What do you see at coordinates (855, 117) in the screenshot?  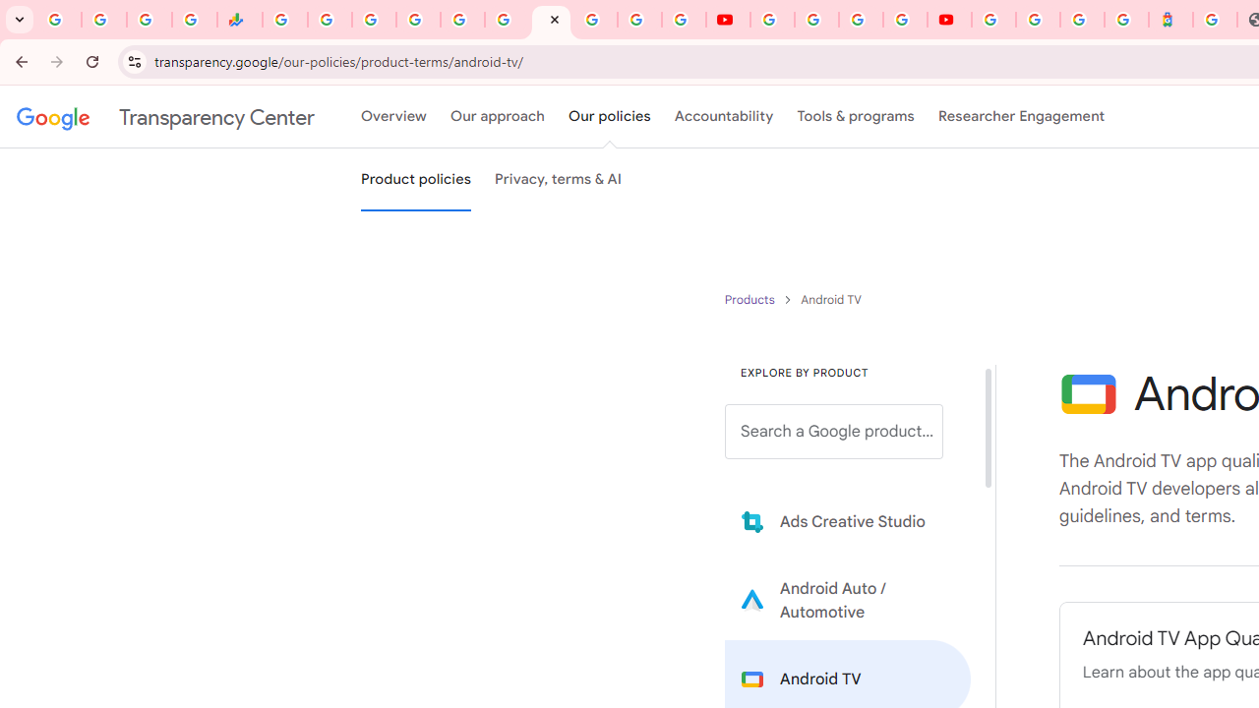 I see `'Tools & programs'` at bounding box center [855, 117].